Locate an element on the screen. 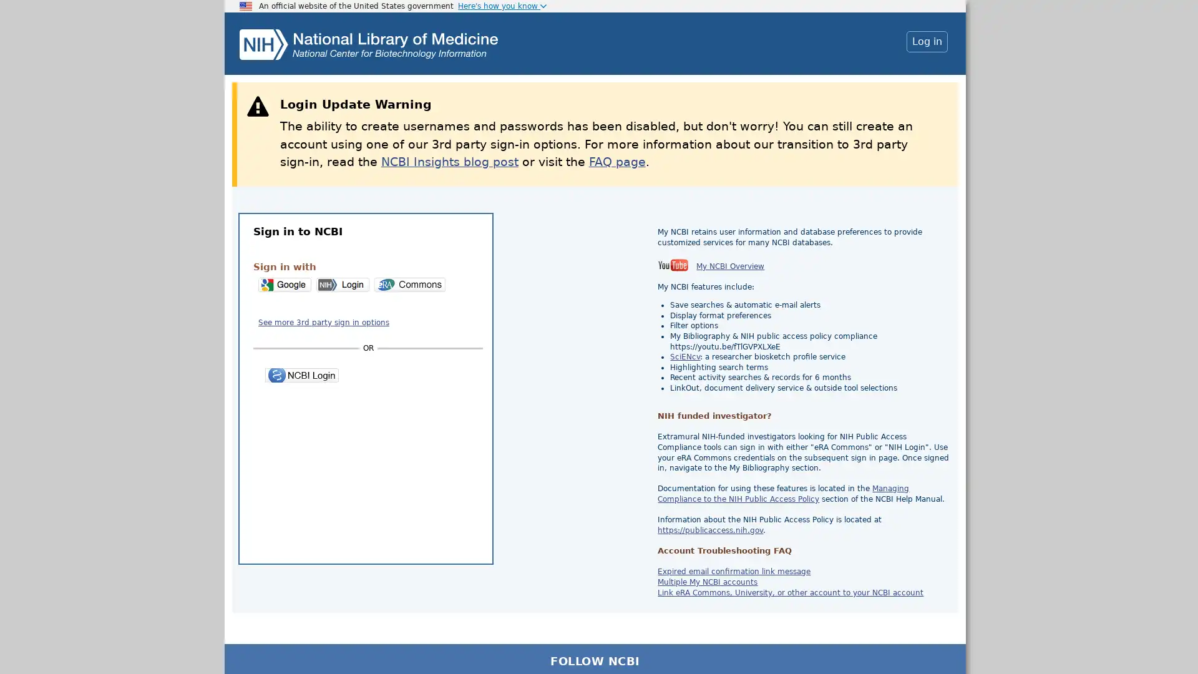 The image size is (1198, 674). Managing Compliance to the NIH Public Access Policy is located at coordinates (782, 493).